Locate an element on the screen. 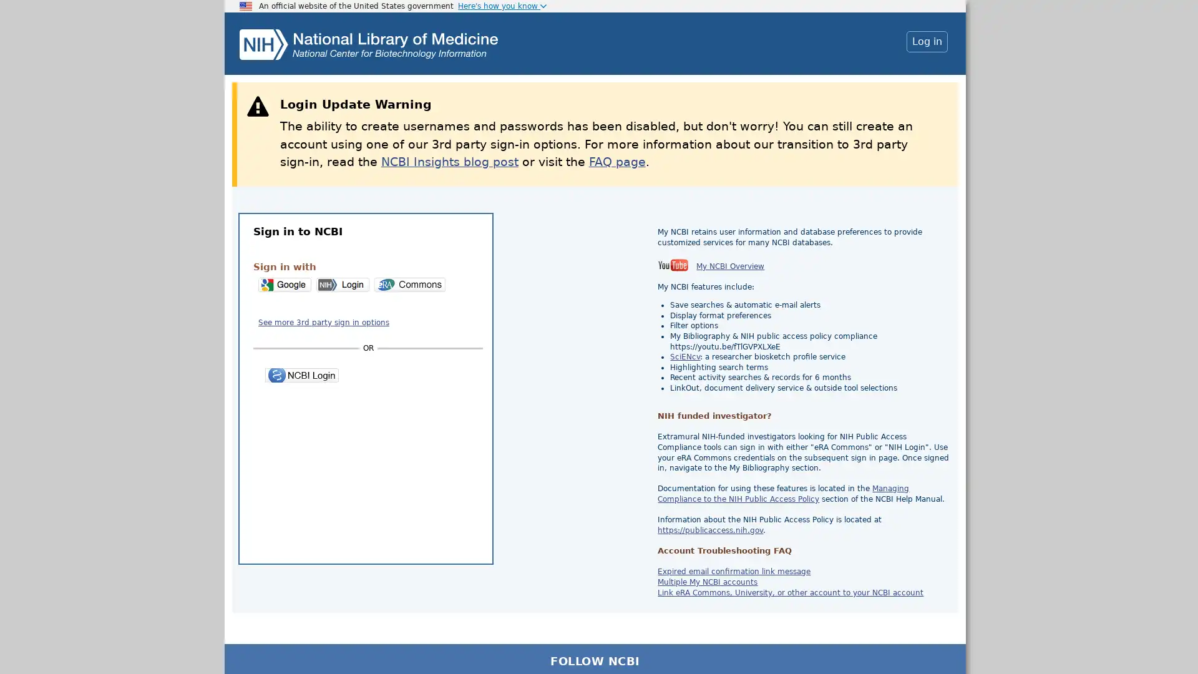 The image size is (1198, 674). Managing Compliance to the NIH Public Access Policy is located at coordinates (782, 493).